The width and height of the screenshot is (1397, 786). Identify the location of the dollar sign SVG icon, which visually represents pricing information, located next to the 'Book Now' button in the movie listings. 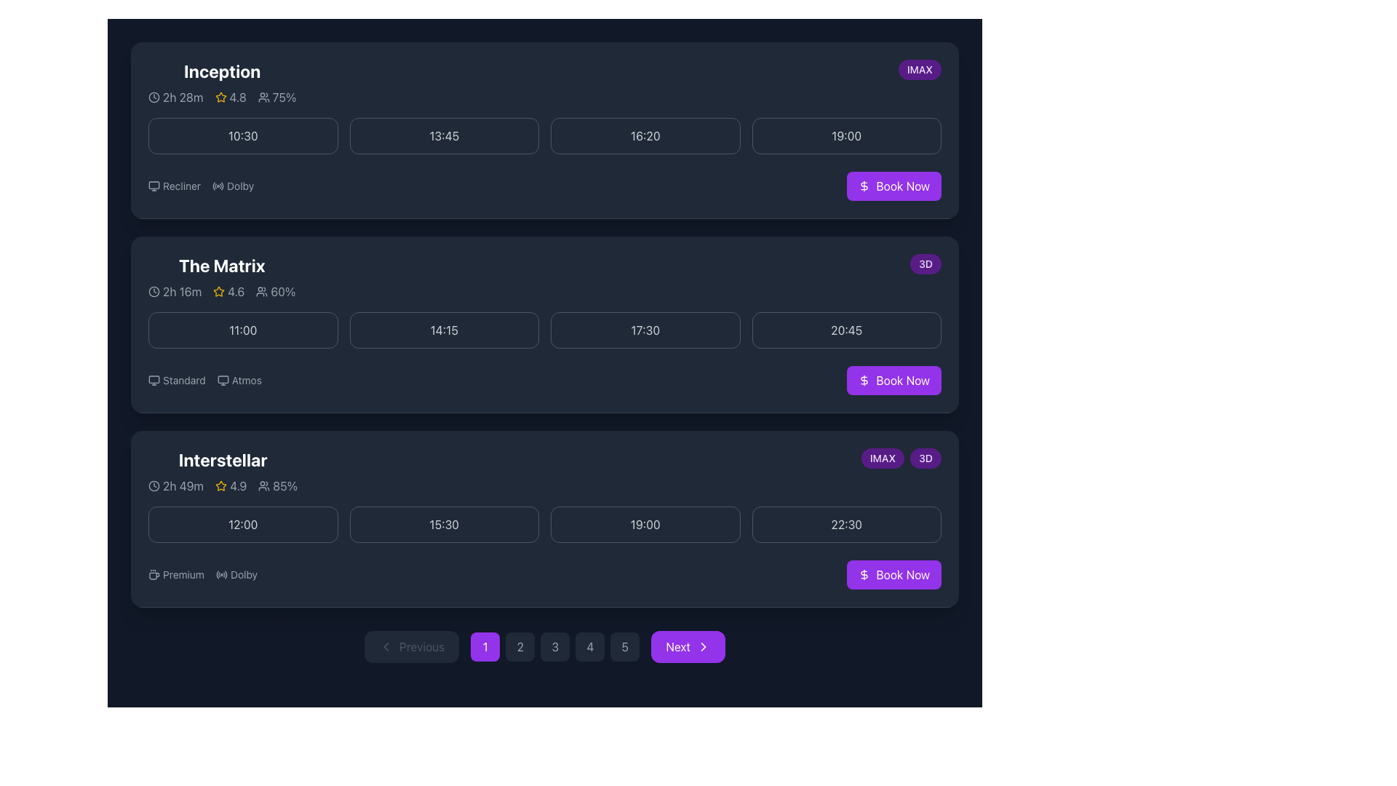
(864, 574).